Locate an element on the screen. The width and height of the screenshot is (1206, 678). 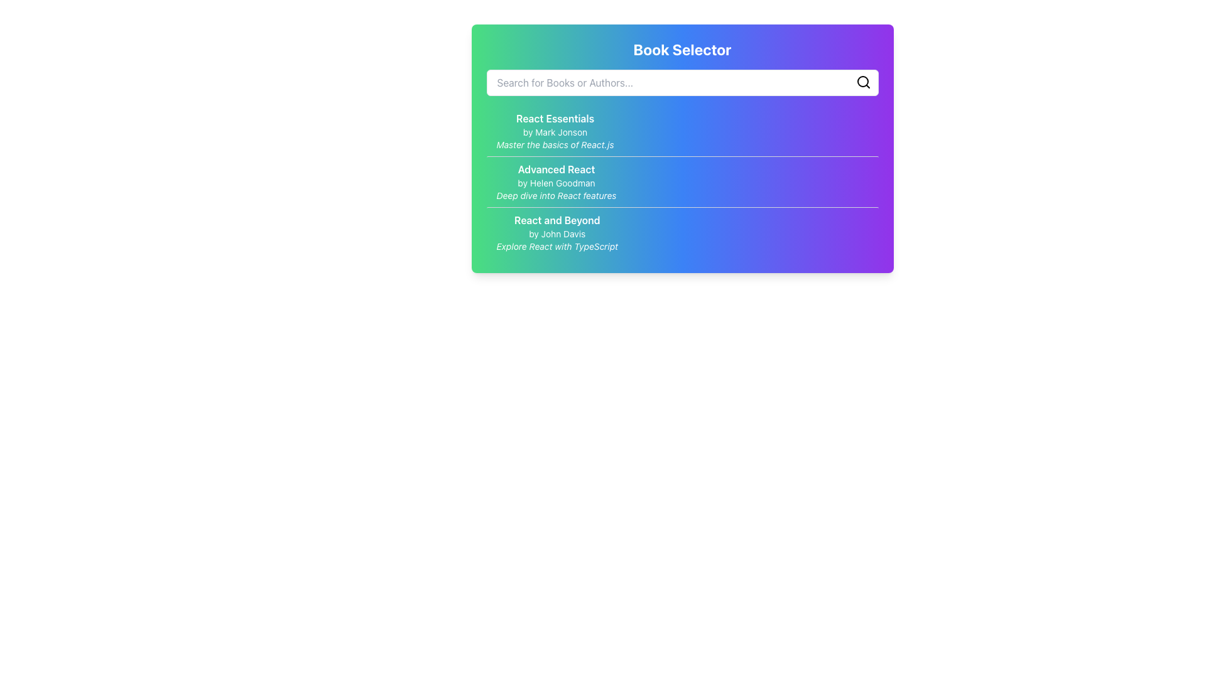
text label titled 'React and Beyond', which is a bold text label located prominently at the center of the highlighted book item section is located at coordinates (557, 220).